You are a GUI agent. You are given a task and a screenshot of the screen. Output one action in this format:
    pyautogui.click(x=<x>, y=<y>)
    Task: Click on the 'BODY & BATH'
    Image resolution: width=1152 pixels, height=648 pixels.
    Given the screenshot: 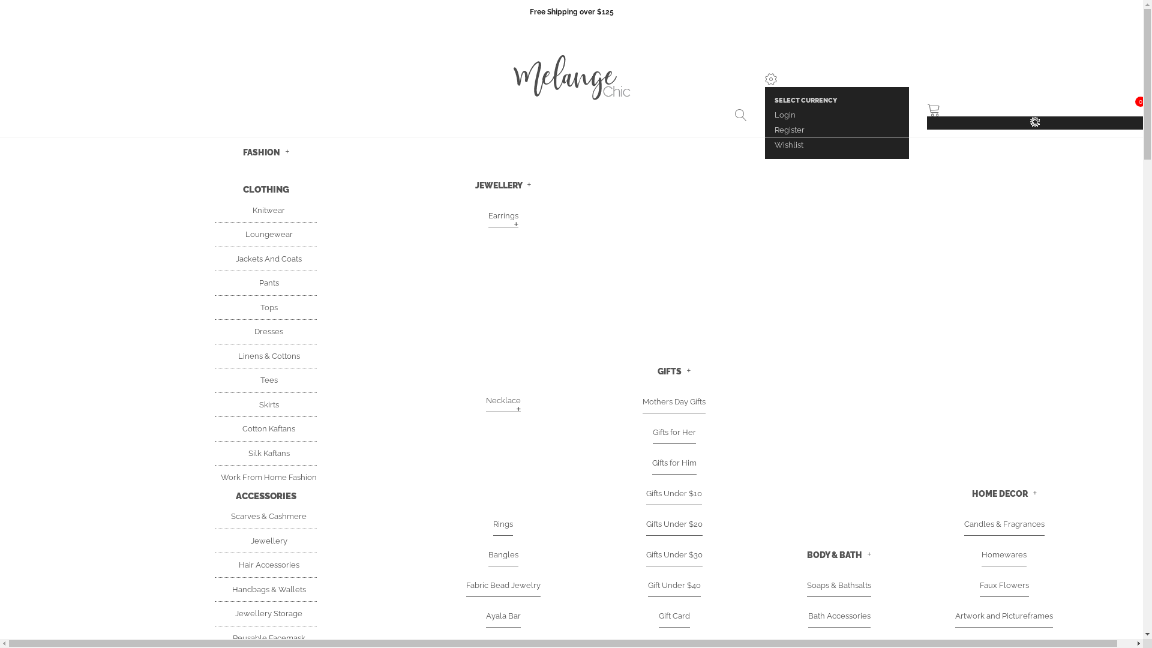 What is the action you would take?
    pyautogui.click(x=838, y=554)
    